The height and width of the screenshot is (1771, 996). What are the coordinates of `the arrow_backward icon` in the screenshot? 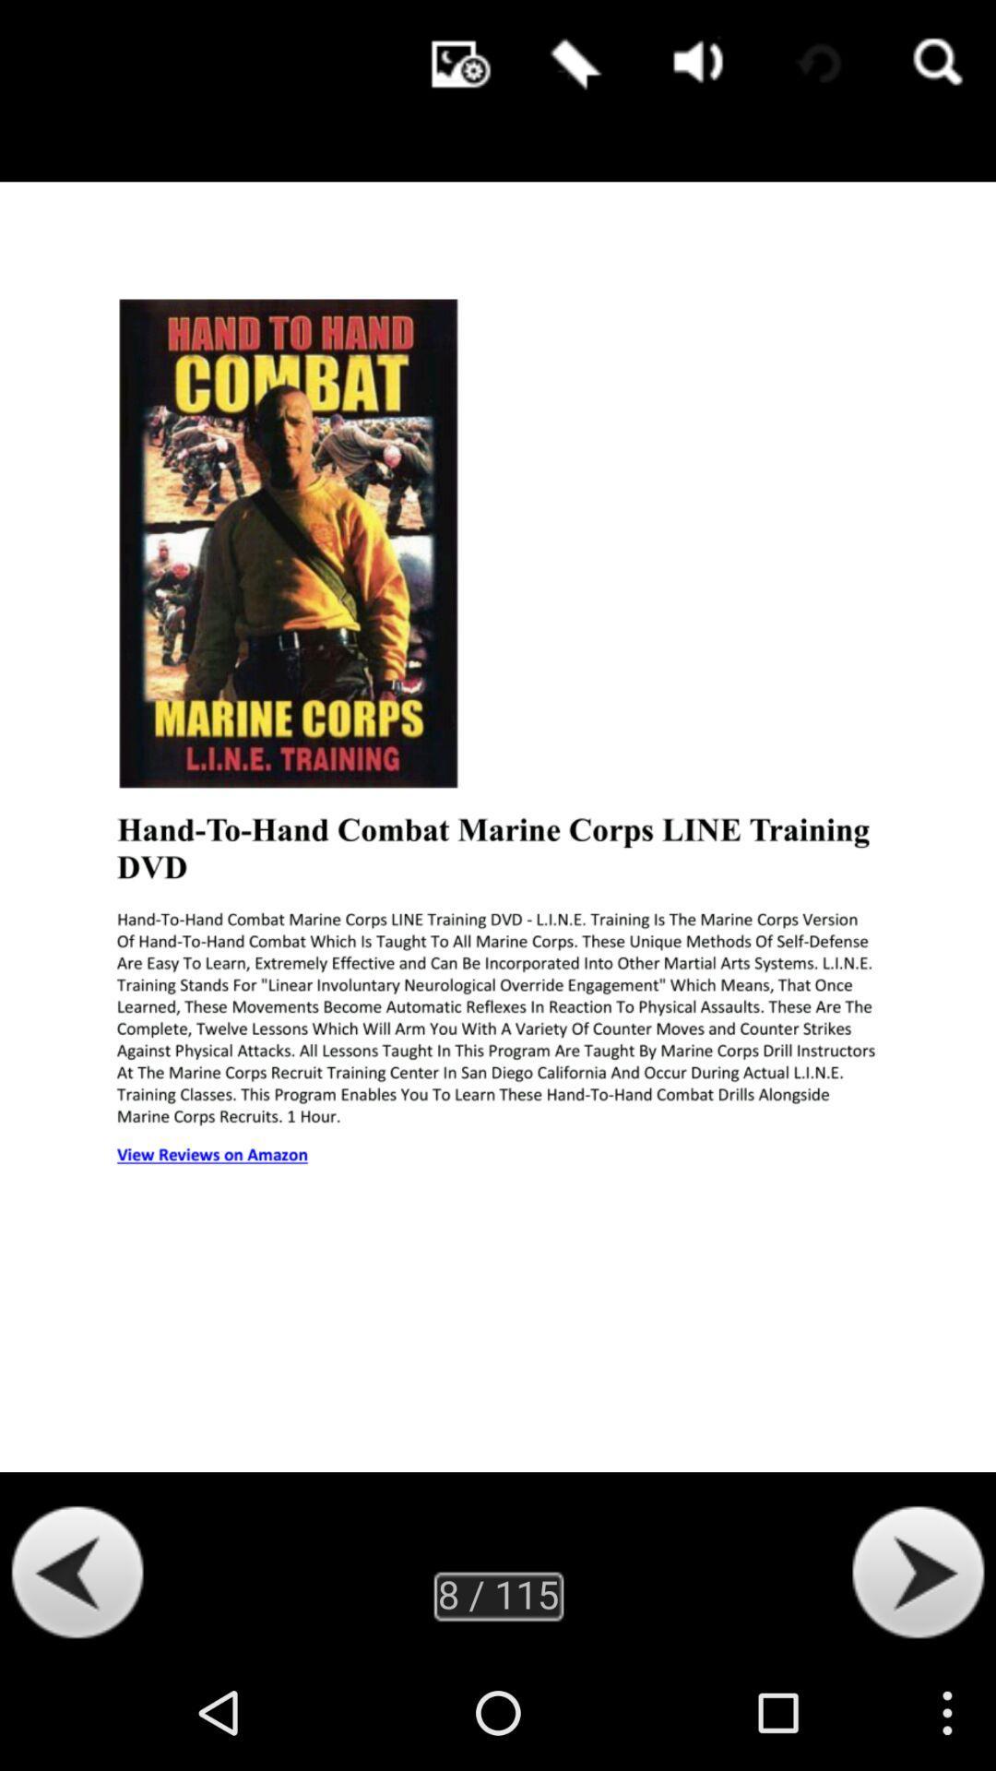 It's located at (77, 1683).